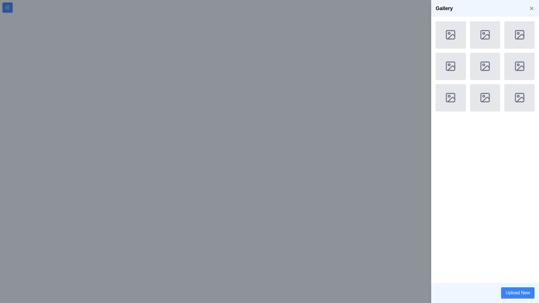 This screenshot has width=539, height=303. I want to click on the SVG rectangle that serves as a visual component of an image icon in the 'Gallery' section, located in the third column and third row of the grid layout, so click(485, 66).